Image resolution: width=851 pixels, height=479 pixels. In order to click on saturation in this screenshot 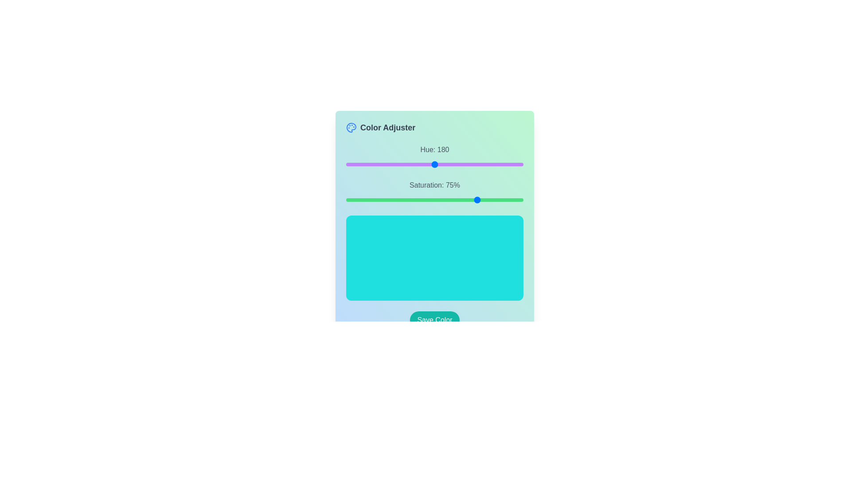, I will do `click(473, 200)`.